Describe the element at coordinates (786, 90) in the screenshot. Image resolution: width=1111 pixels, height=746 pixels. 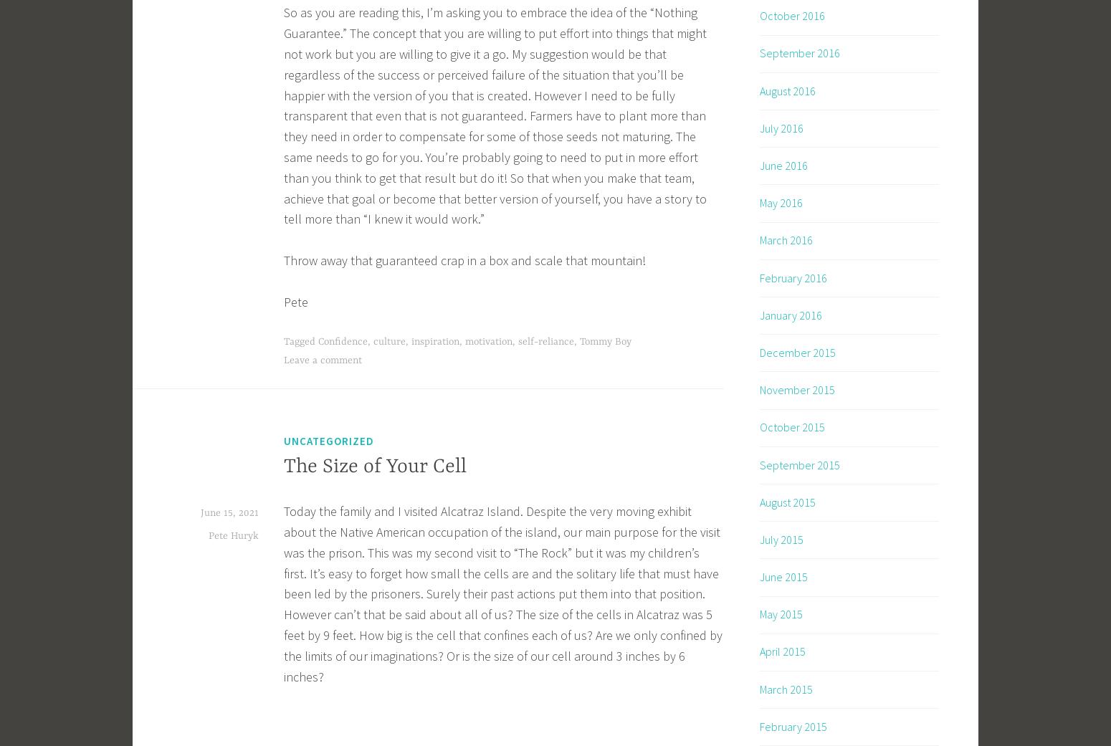
I see `'August 2016'` at that location.